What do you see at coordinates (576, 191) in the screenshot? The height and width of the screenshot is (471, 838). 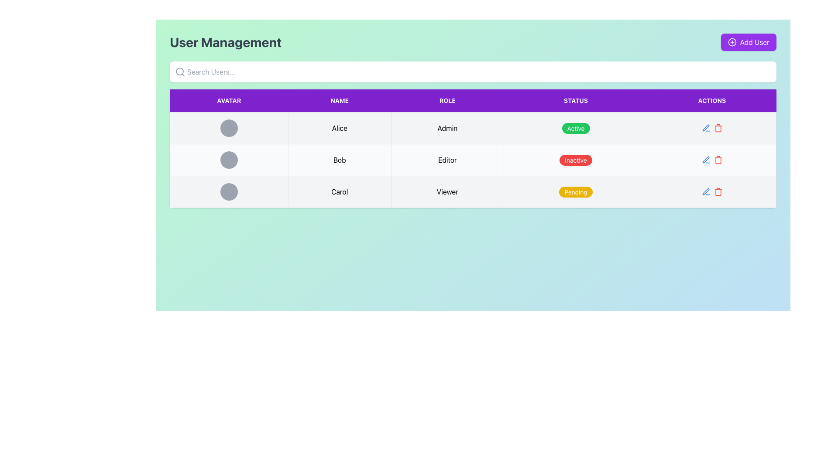 I see `the yellow, pill-shaped badge containing the text 'Pending' in white capital letters, located in the 'Status' column of the last row for the user 'Carol'` at bounding box center [576, 191].